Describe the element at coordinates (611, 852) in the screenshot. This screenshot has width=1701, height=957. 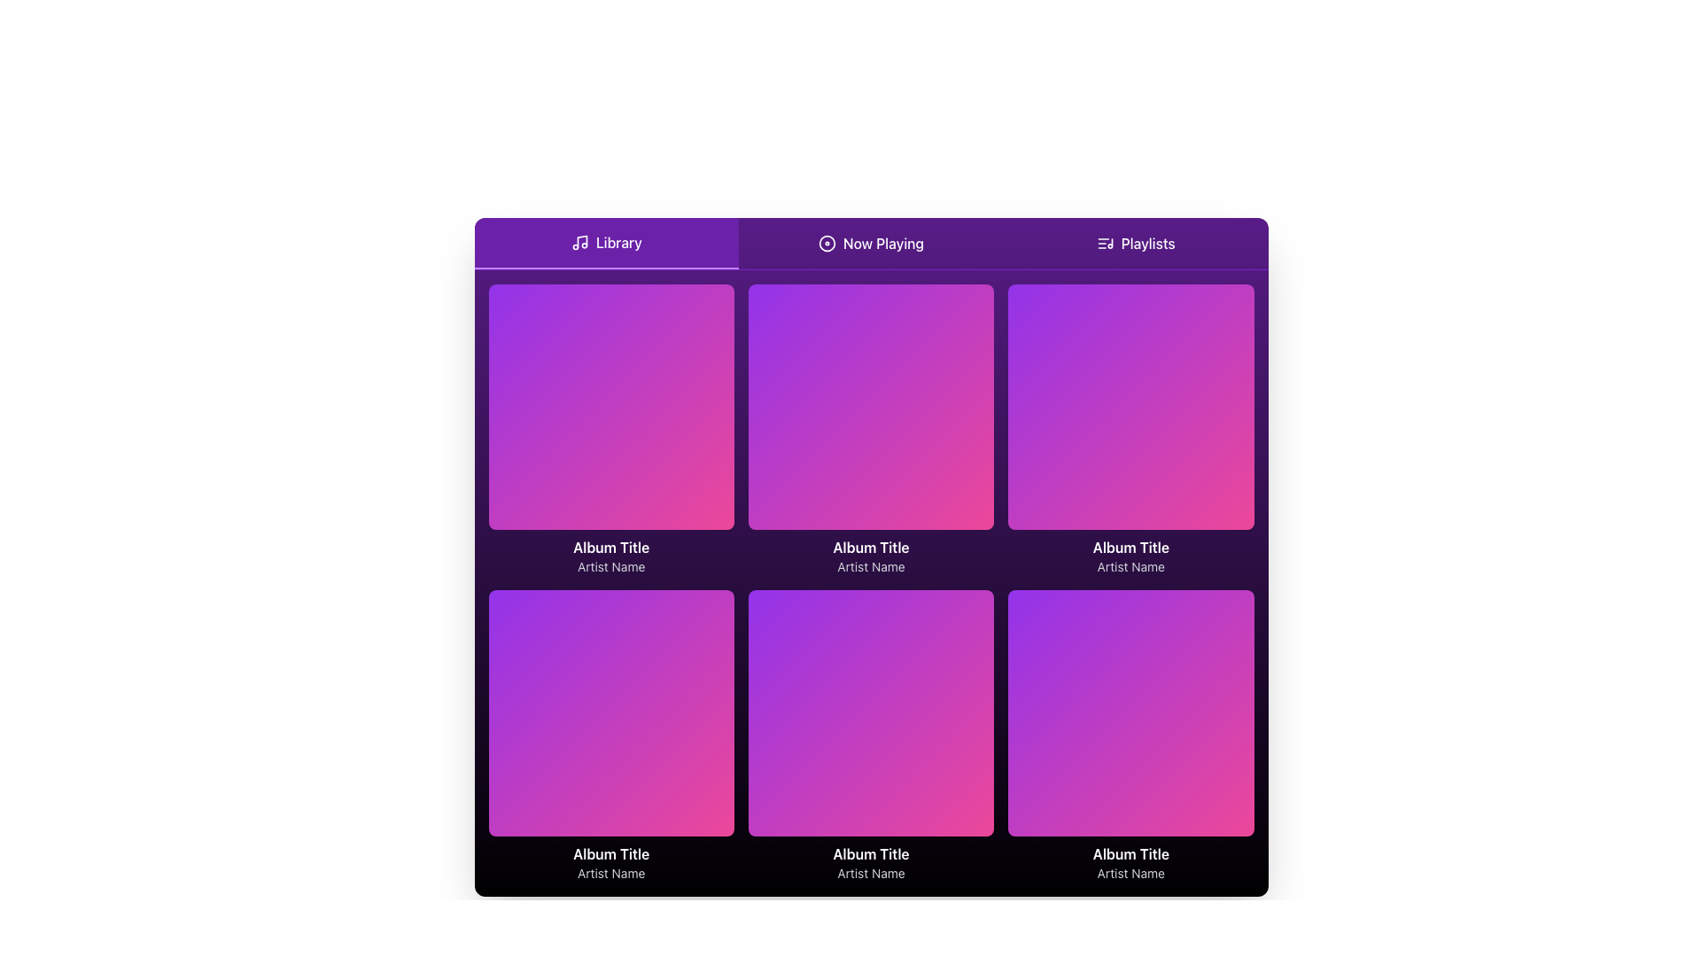
I see `text content of the Text Label that identifies the album in the bottom-left card of the three-by-two grid layout, positioned above 'Artist Name'` at that location.